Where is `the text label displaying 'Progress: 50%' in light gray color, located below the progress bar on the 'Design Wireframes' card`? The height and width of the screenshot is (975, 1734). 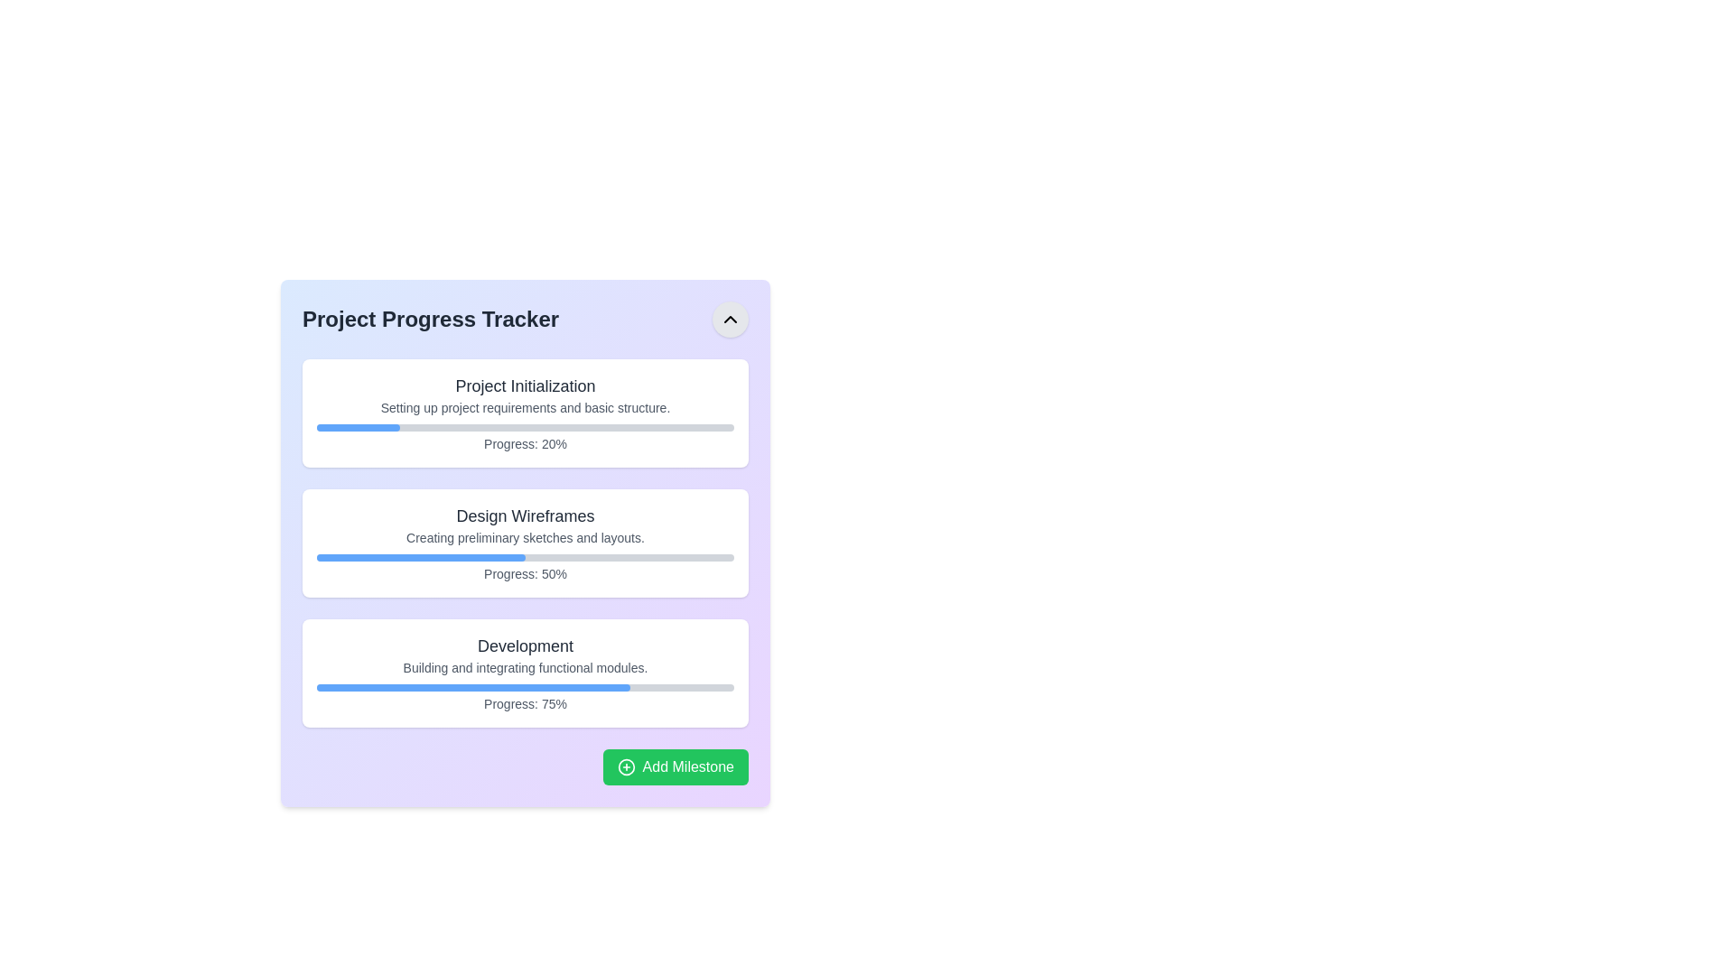 the text label displaying 'Progress: 50%' in light gray color, located below the progress bar on the 'Design Wireframes' card is located at coordinates (524, 574).